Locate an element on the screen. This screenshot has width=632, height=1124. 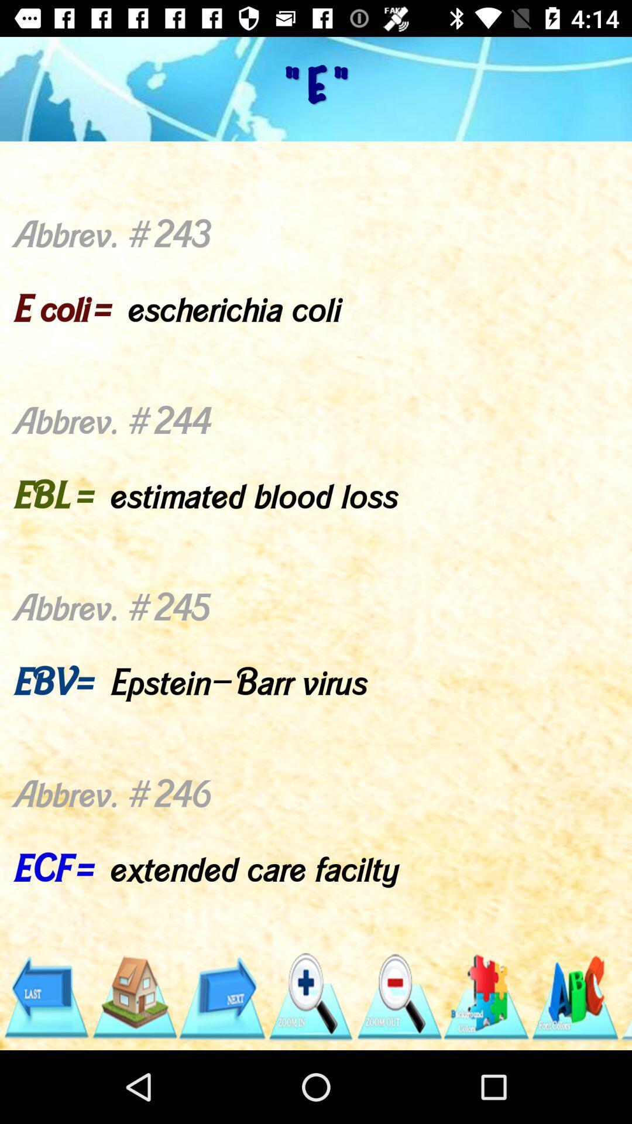
the item below abbrev 	243	 	e app is located at coordinates (398, 996).